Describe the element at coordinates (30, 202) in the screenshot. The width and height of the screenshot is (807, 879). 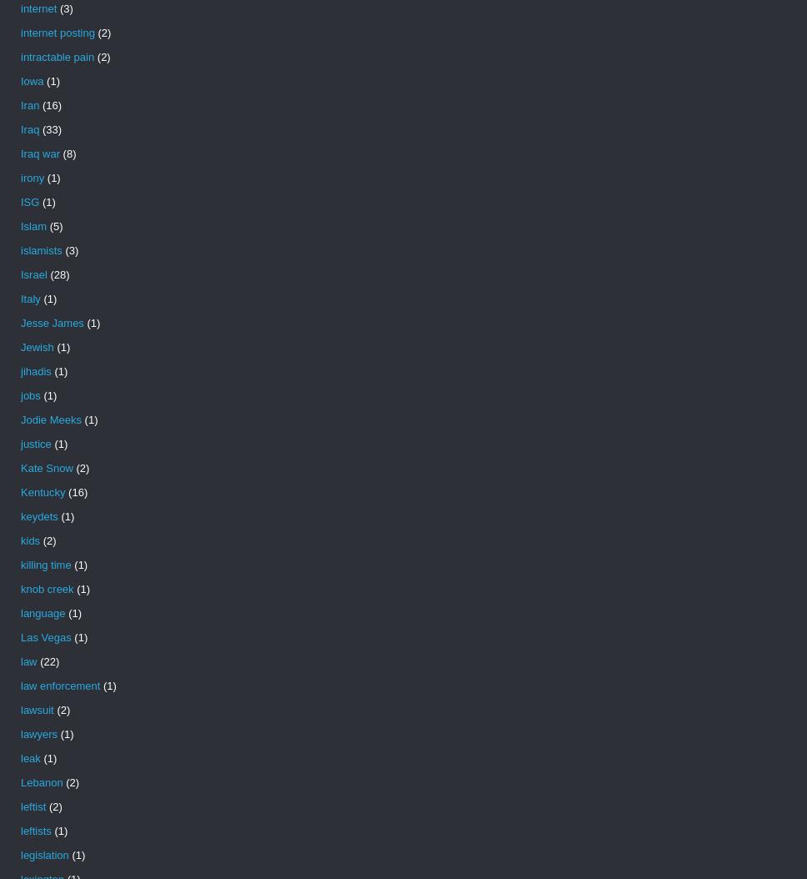
I see `'ISG'` at that location.